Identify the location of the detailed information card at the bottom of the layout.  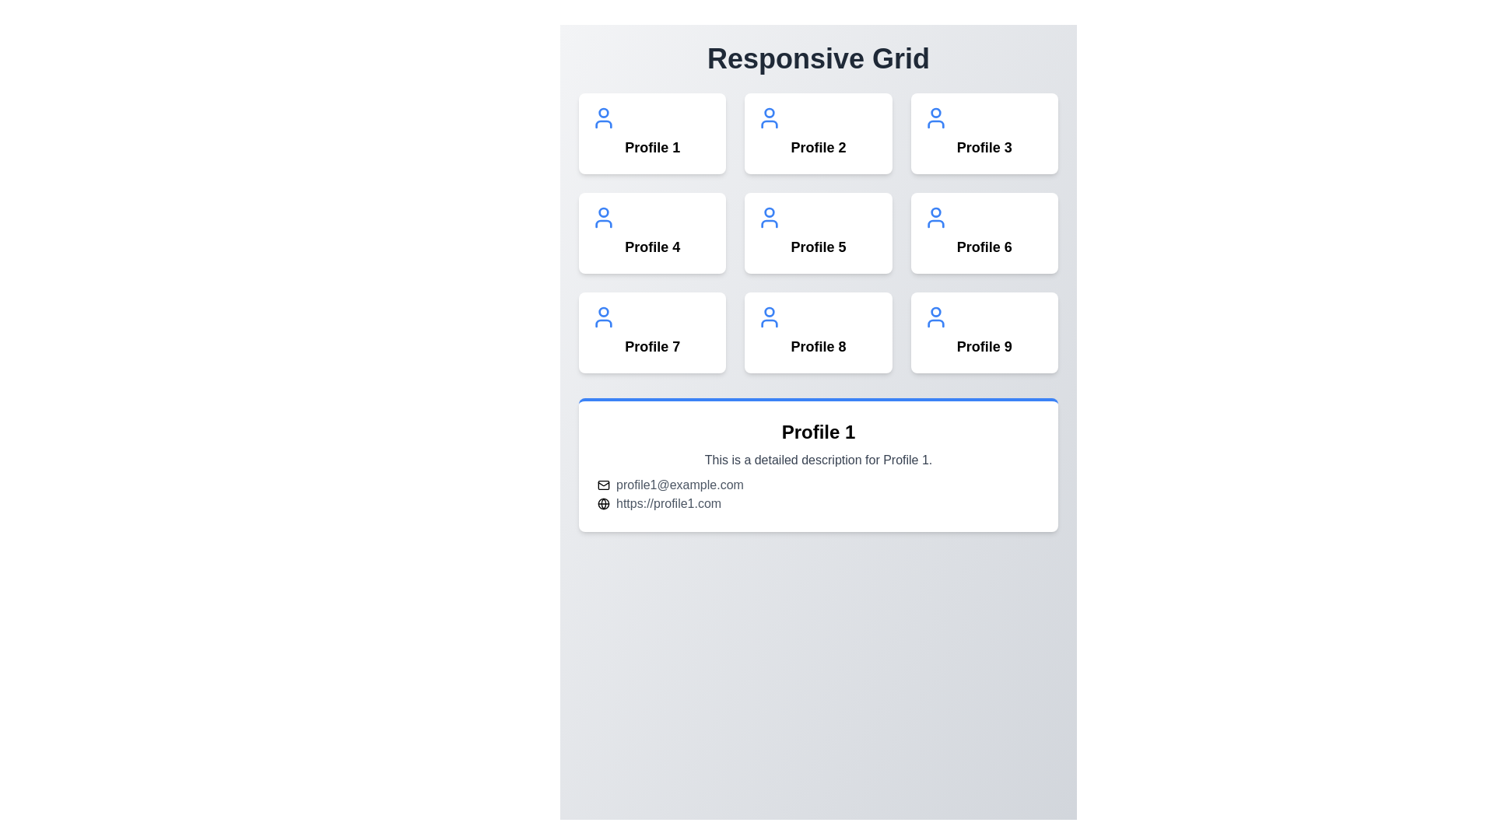
(817, 464).